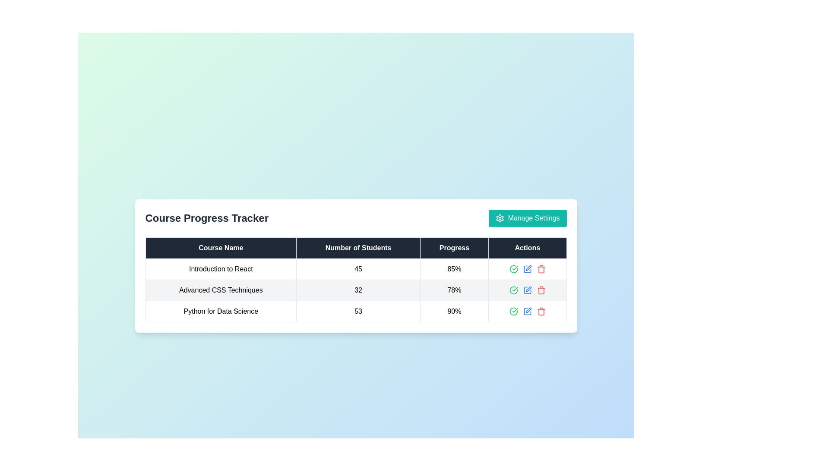 The image size is (829, 466). What do you see at coordinates (528, 268) in the screenshot?
I see `the second icon in the 'Actions' column of the last row in the table` at bounding box center [528, 268].